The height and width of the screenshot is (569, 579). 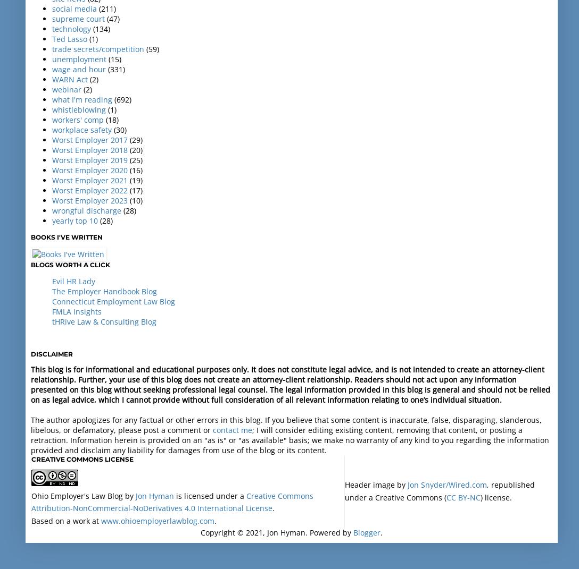 I want to click on '(47)', so click(x=113, y=18).